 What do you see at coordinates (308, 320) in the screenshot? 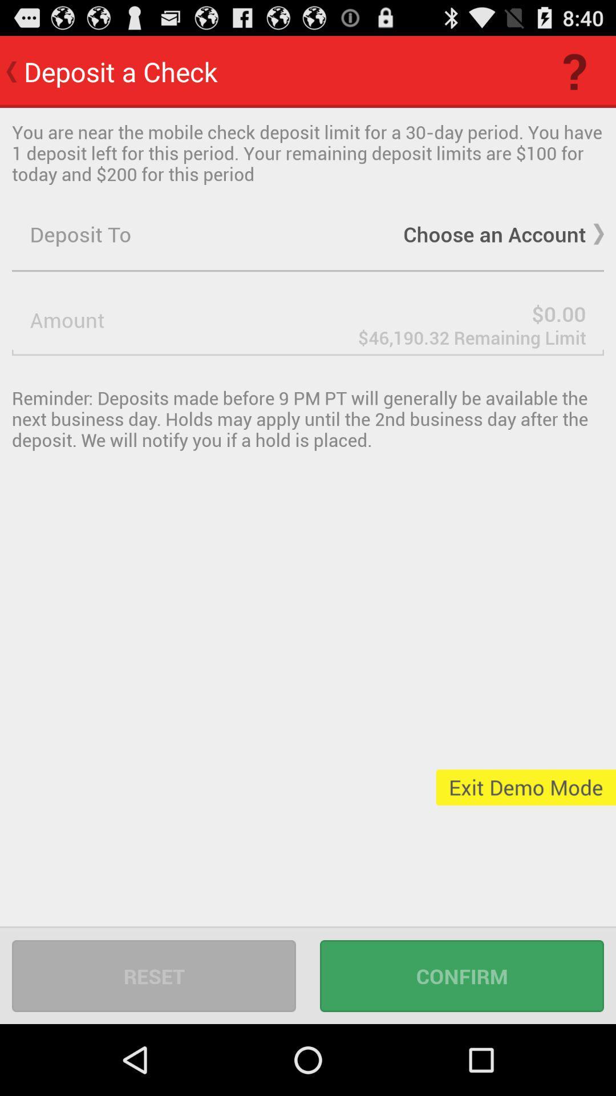
I see `amount` at bounding box center [308, 320].